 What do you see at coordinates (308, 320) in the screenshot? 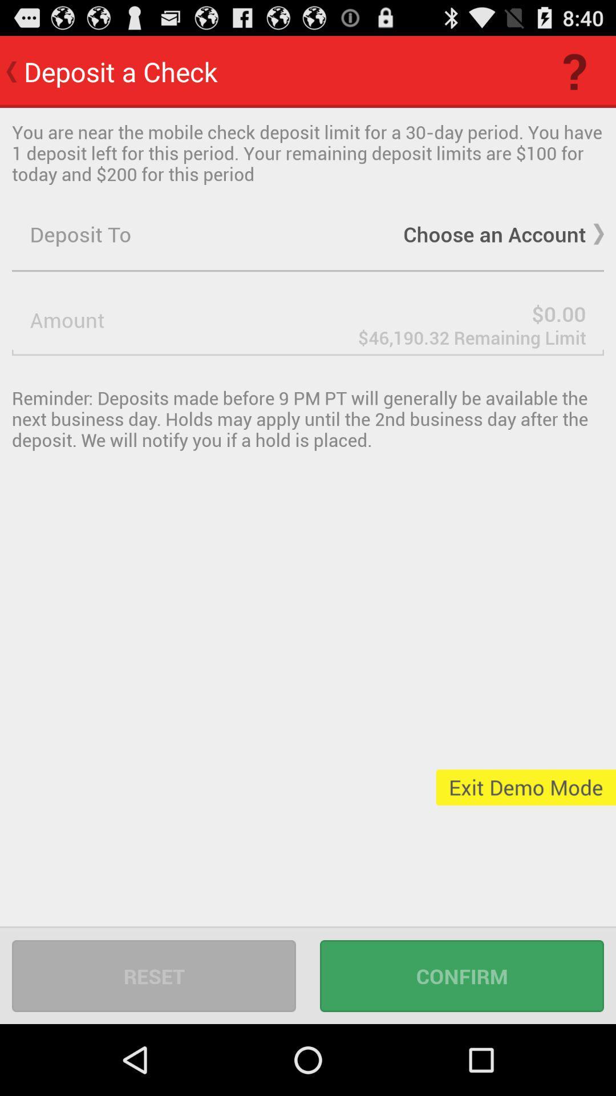
I see `amount` at bounding box center [308, 320].